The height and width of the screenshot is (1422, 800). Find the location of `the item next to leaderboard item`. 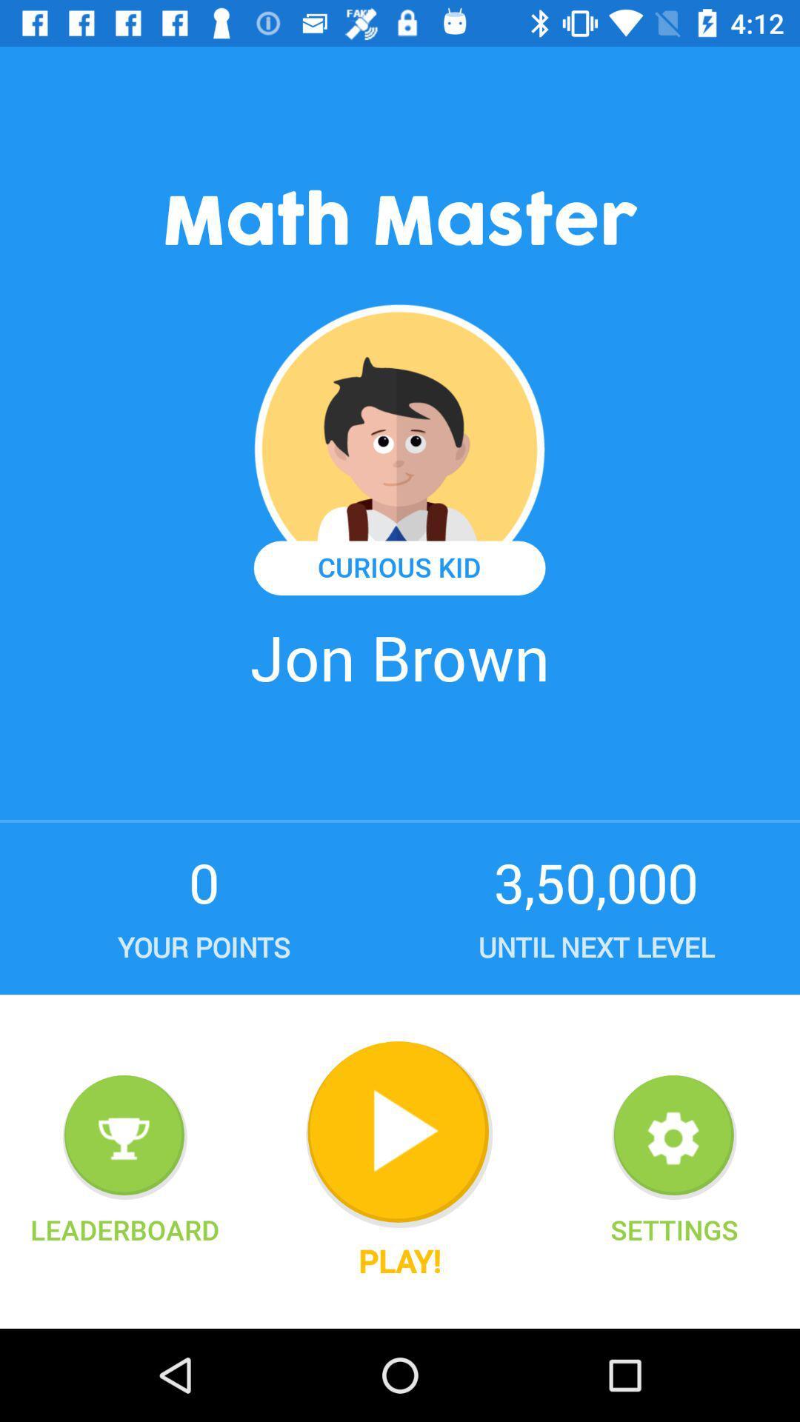

the item next to leaderboard item is located at coordinates (399, 1134).